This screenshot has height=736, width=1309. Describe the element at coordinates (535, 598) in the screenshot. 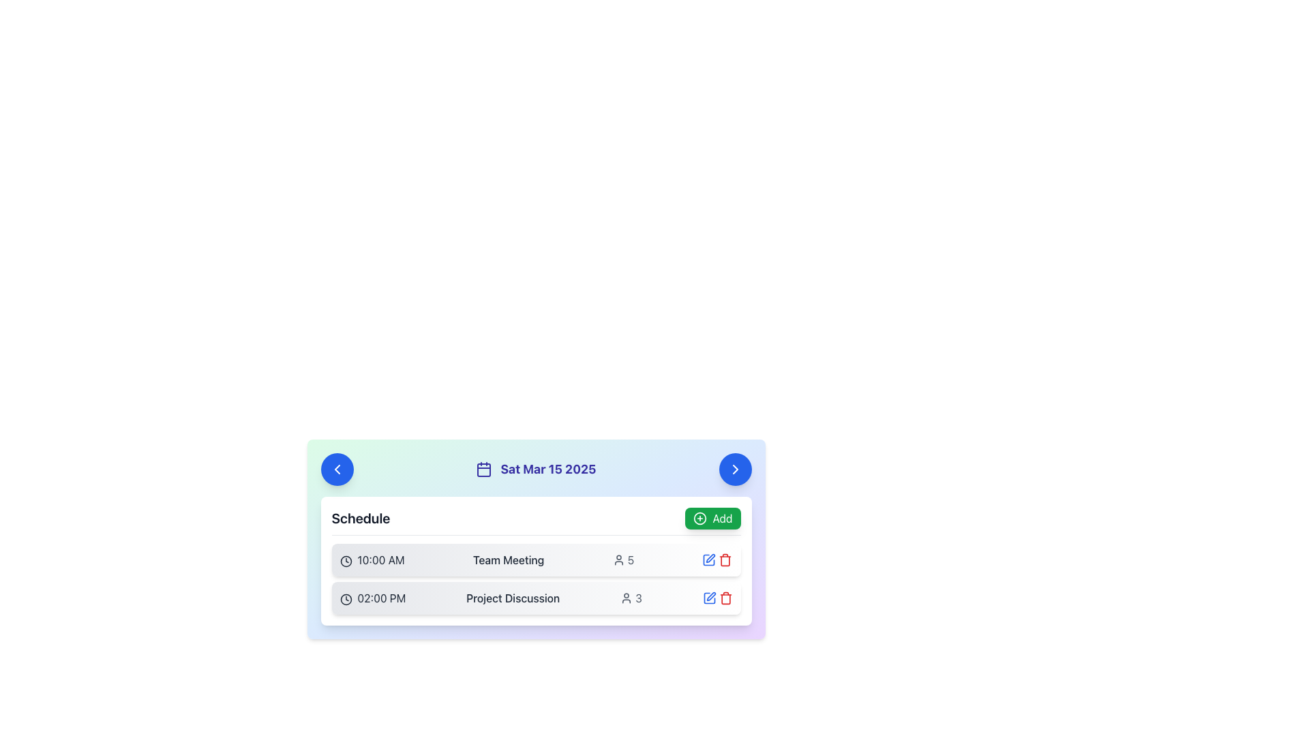

I see `the event title of the second item in the schedule list, located under the 'Schedule' section` at that location.